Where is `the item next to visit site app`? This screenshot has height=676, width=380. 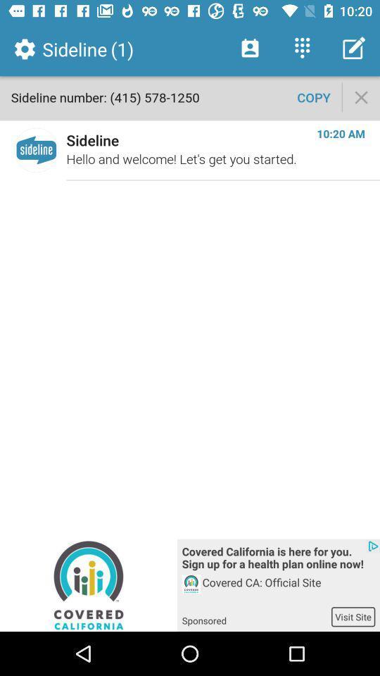 the item next to visit site app is located at coordinates (255, 615).